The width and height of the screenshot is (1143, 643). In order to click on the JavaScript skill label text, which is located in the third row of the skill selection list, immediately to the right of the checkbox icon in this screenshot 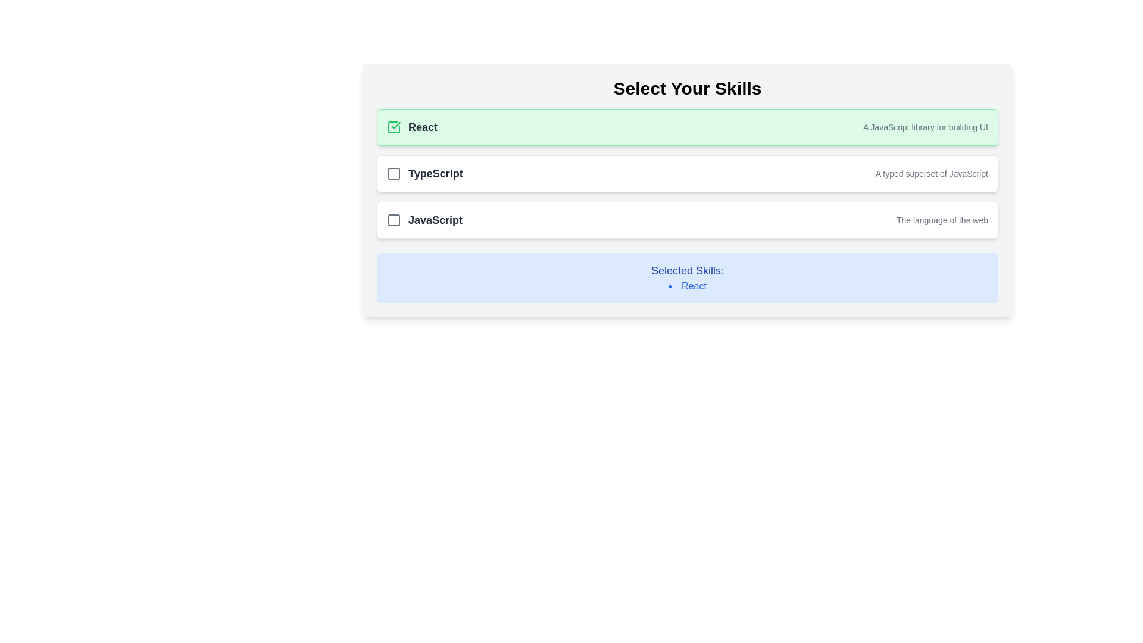, I will do `click(435, 220)`.